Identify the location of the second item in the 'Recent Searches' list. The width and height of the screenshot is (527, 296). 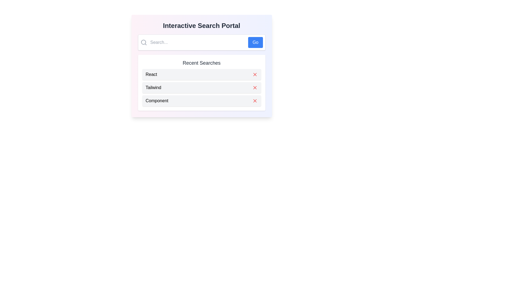
(201, 87).